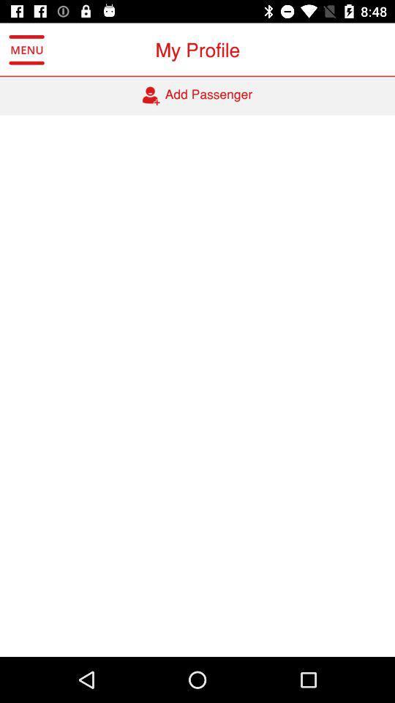 Image resolution: width=395 pixels, height=703 pixels. I want to click on add passenger item, so click(197, 95).